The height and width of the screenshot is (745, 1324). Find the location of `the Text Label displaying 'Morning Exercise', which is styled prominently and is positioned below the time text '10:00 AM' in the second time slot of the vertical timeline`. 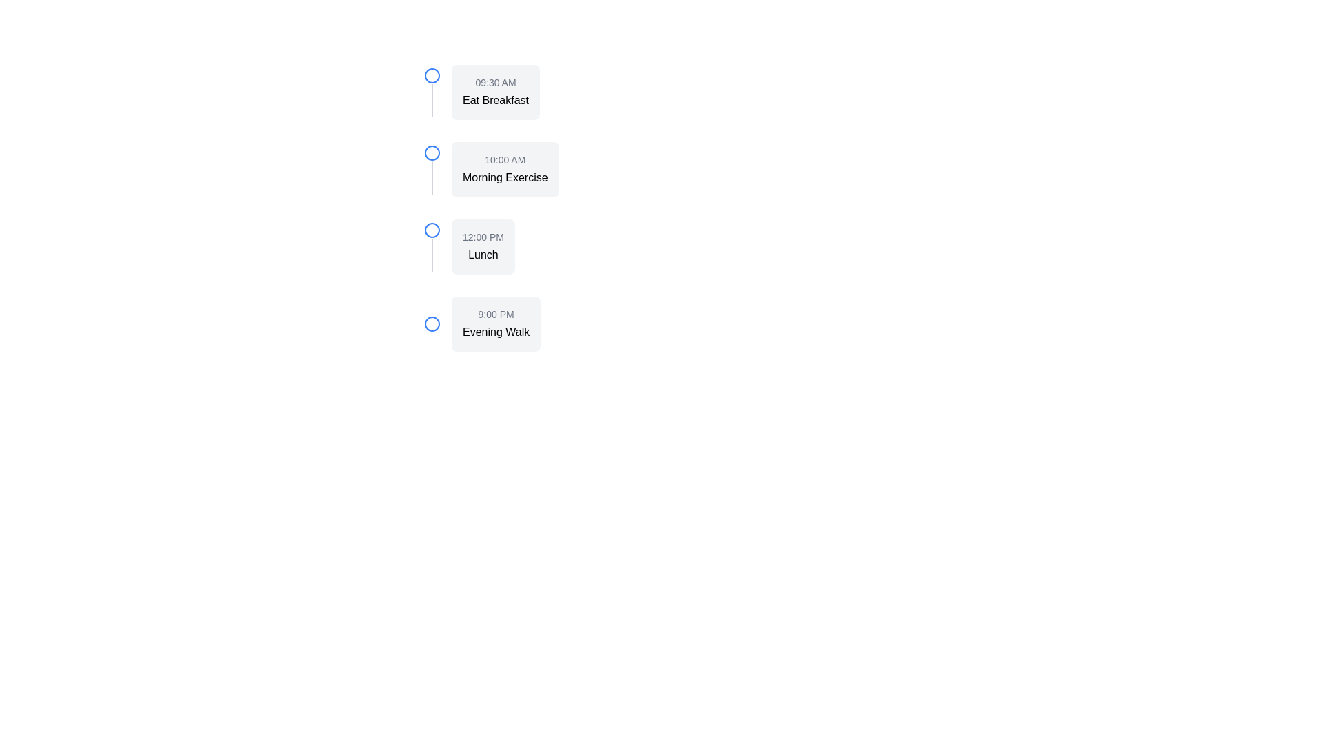

the Text Label displaying 'Morning Exercise', which is styled prominently and is positioned below the time text '10:00 AM' in the second time slot of the vertical timeline is located at coordinates (504, 177).